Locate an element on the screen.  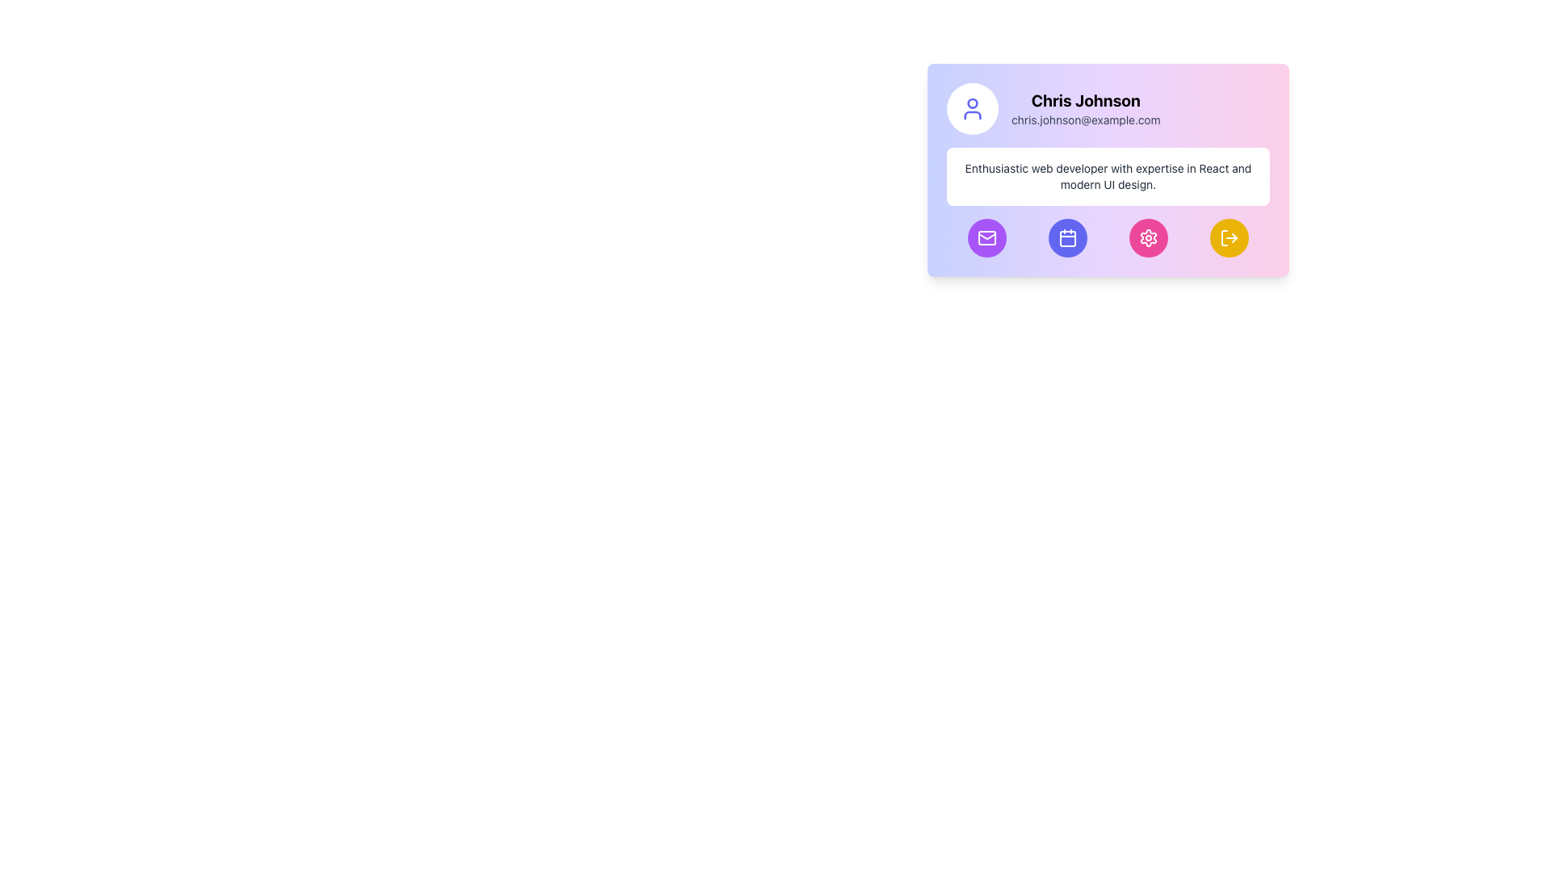
textual description of the professional's expertise and skills located in the lower-middle section of the profile interface, directly beneath the header with the name and email address is located at coordinates (1107, 177).